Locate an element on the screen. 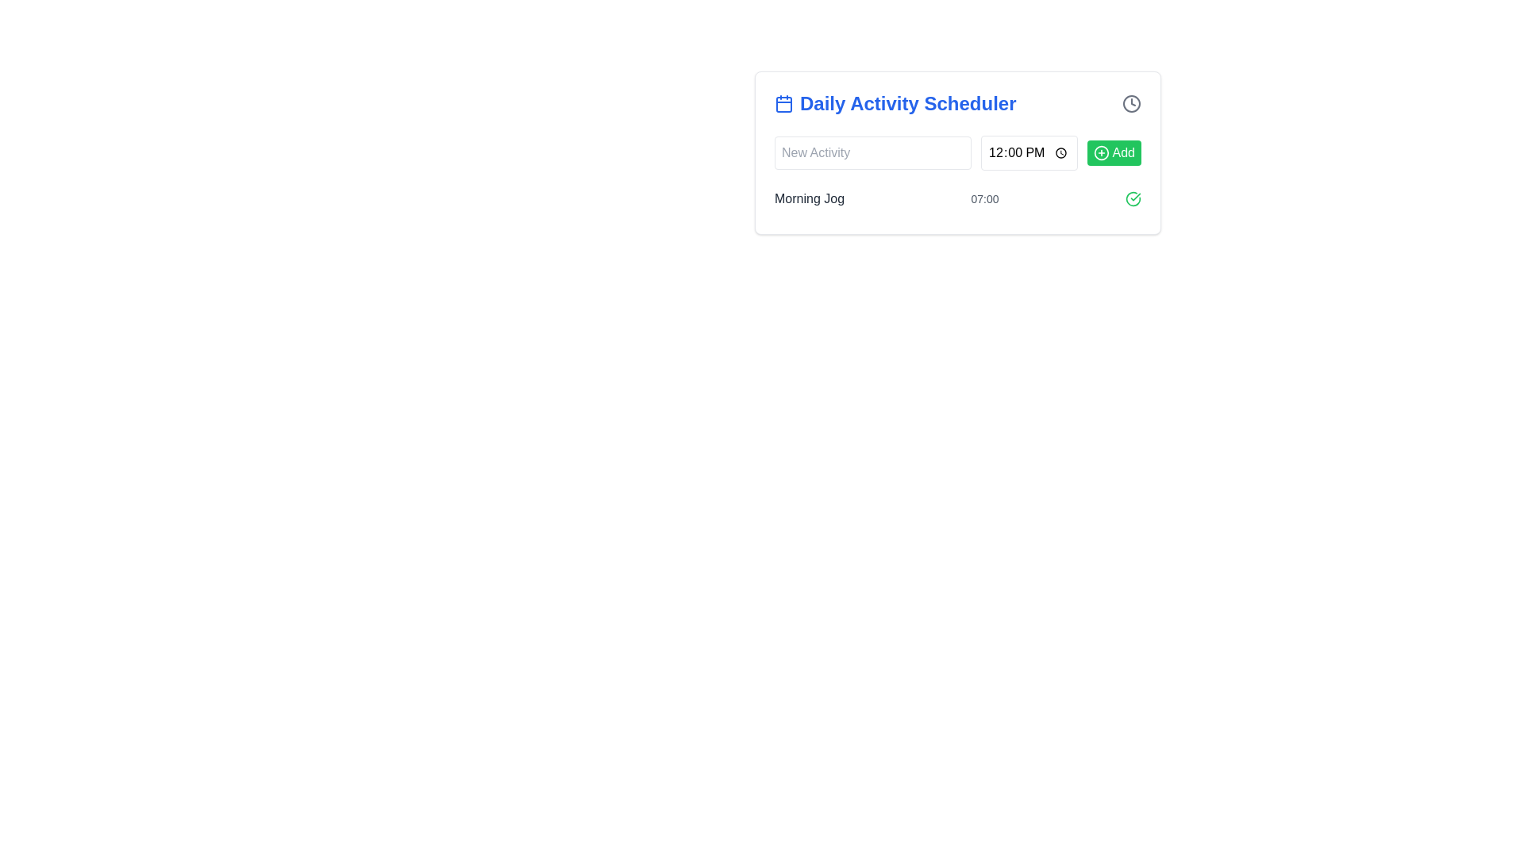 The height and width of the screenshot is (857, 1524). the SVG circle element styled as a clock face located in the header of the 'Daily Activity Scheduler' interface is located at coordinates (1130, 104).